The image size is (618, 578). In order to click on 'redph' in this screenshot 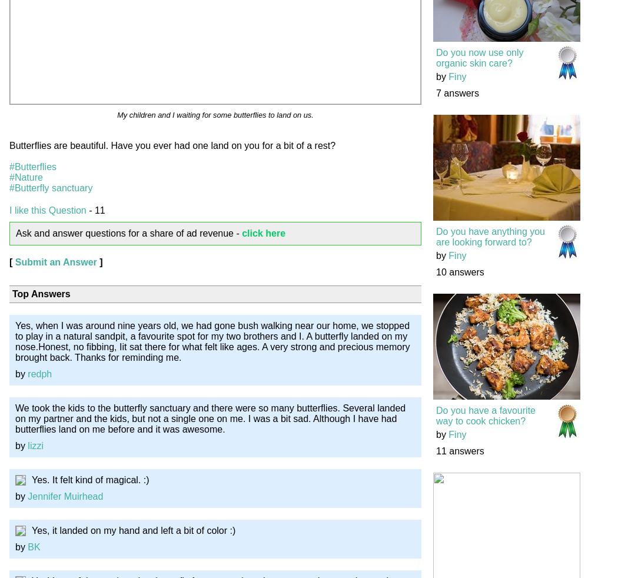, I will do `click(39, 373)`.